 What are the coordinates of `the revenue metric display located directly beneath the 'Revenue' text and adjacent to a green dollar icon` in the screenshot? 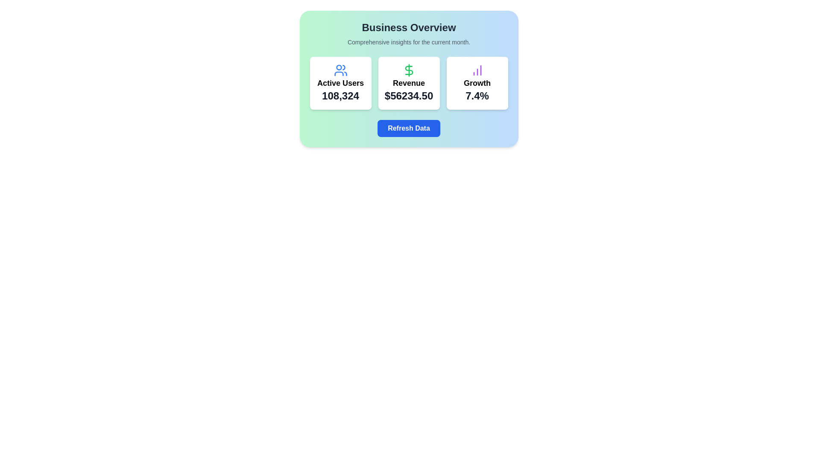 It's located at (408, 96).